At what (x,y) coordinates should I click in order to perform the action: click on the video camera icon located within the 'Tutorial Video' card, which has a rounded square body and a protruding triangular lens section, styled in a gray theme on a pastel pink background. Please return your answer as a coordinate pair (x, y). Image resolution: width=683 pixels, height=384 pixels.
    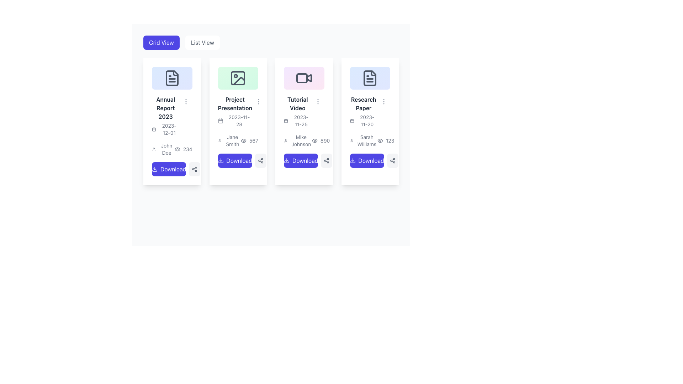
    Looking at the image, I should click on (304, 78).